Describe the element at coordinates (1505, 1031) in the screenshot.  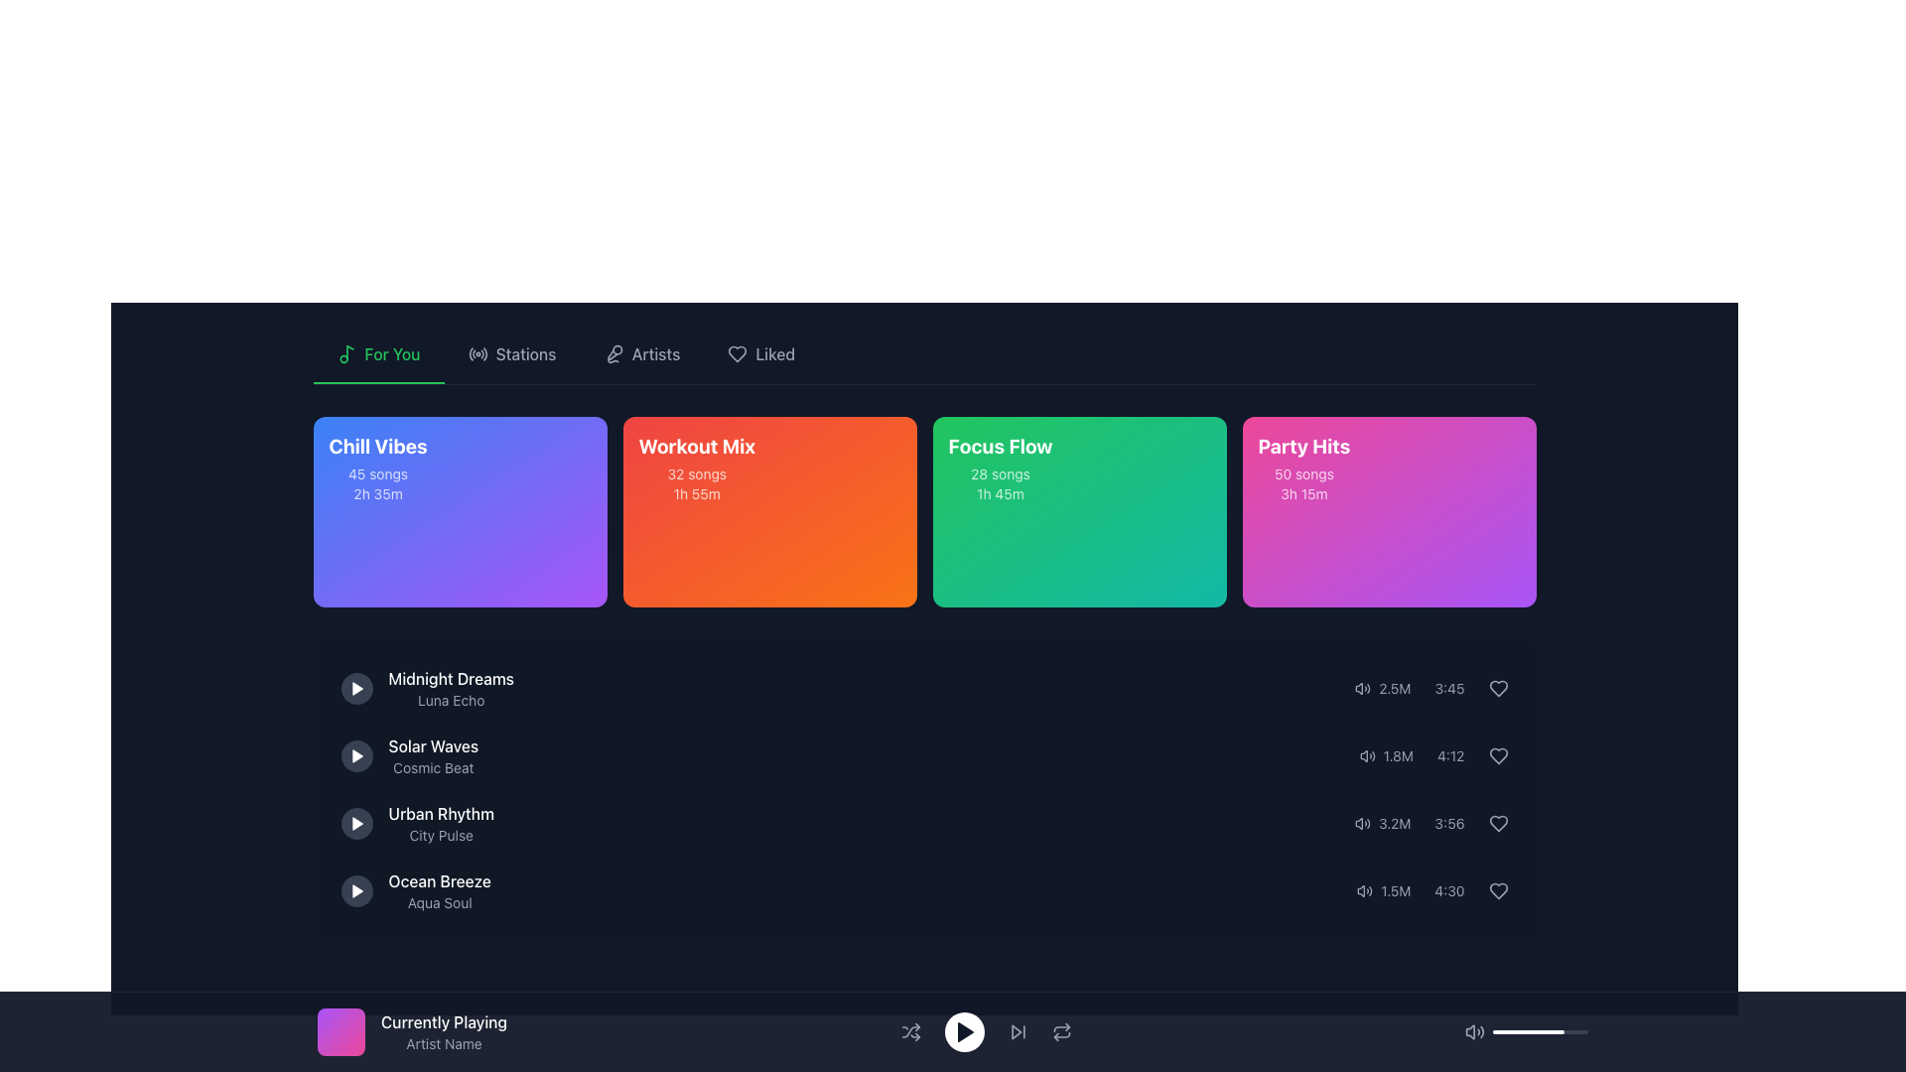
I see `the volume` at that location.